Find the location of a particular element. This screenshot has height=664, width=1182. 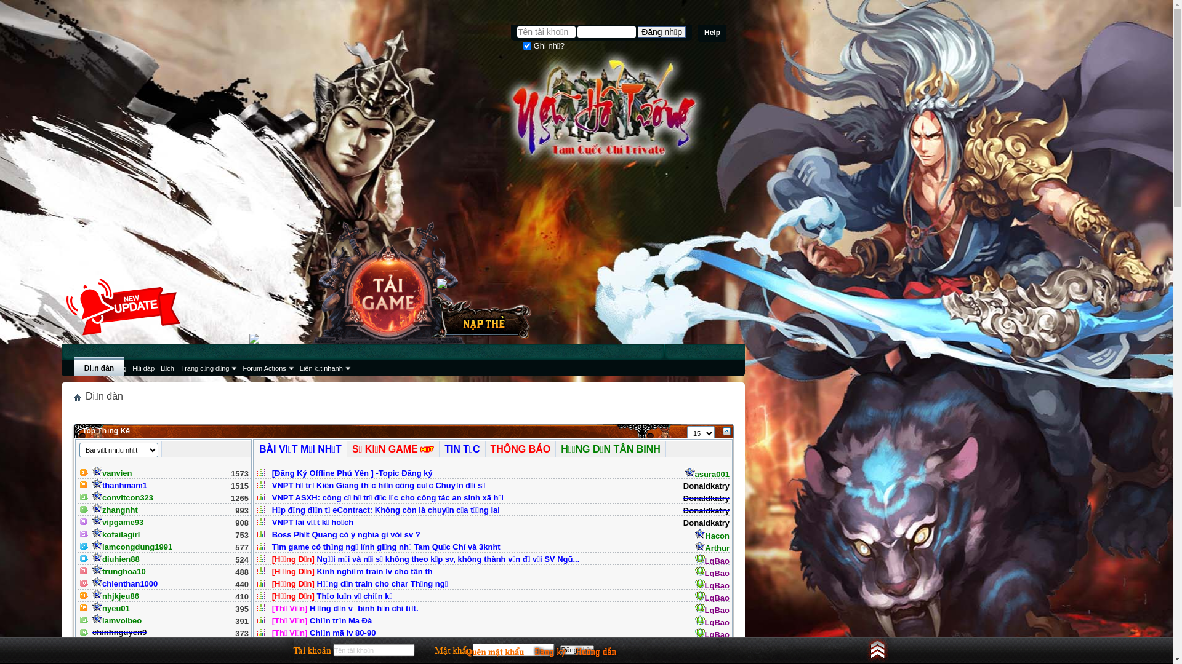

'trunghoa10' is located at coordinates (119, 571).